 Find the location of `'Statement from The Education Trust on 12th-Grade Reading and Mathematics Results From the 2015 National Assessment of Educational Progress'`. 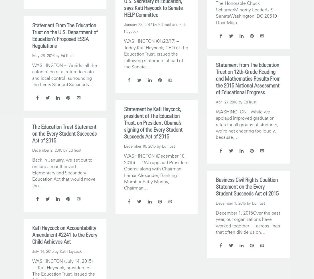

'Statement from The Education Trust on 12th-Grade Reading and Mathematics Results From the 2015 National Assessment of Educational Progress' is located at coordinates (248, 78).